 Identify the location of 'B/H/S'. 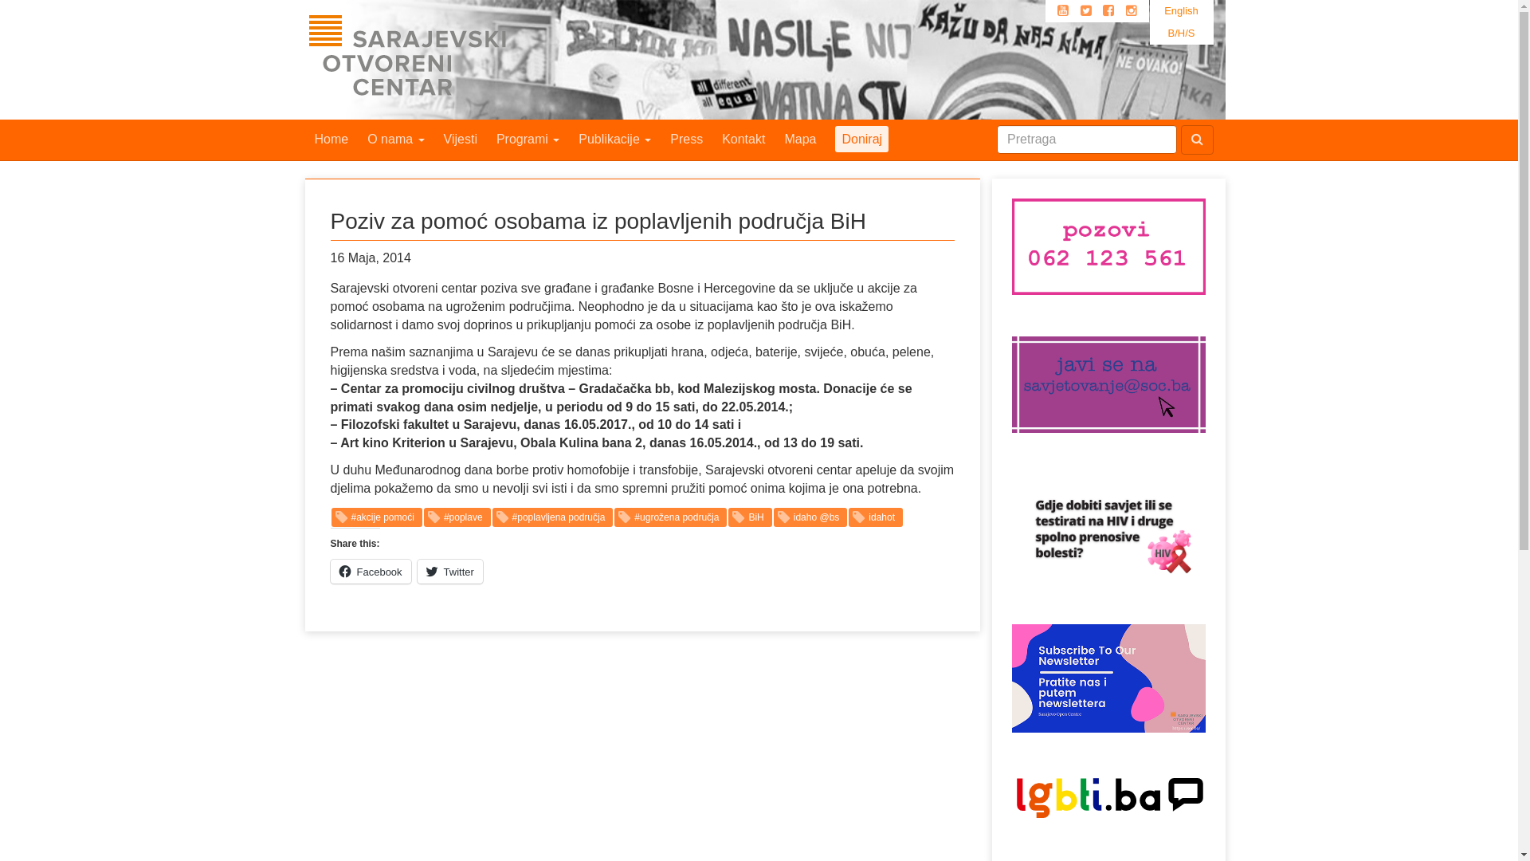
(1181, 33).